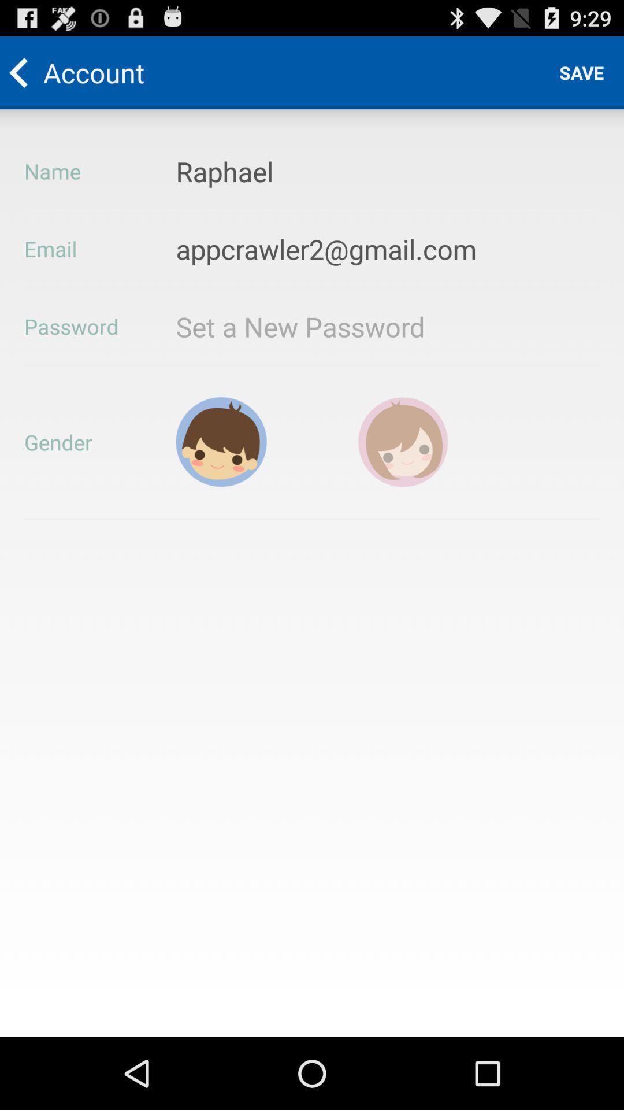 Image resolution: width=624 pixels, height=1110 pixels. I want to click on female gender selection, so click(403, 441).